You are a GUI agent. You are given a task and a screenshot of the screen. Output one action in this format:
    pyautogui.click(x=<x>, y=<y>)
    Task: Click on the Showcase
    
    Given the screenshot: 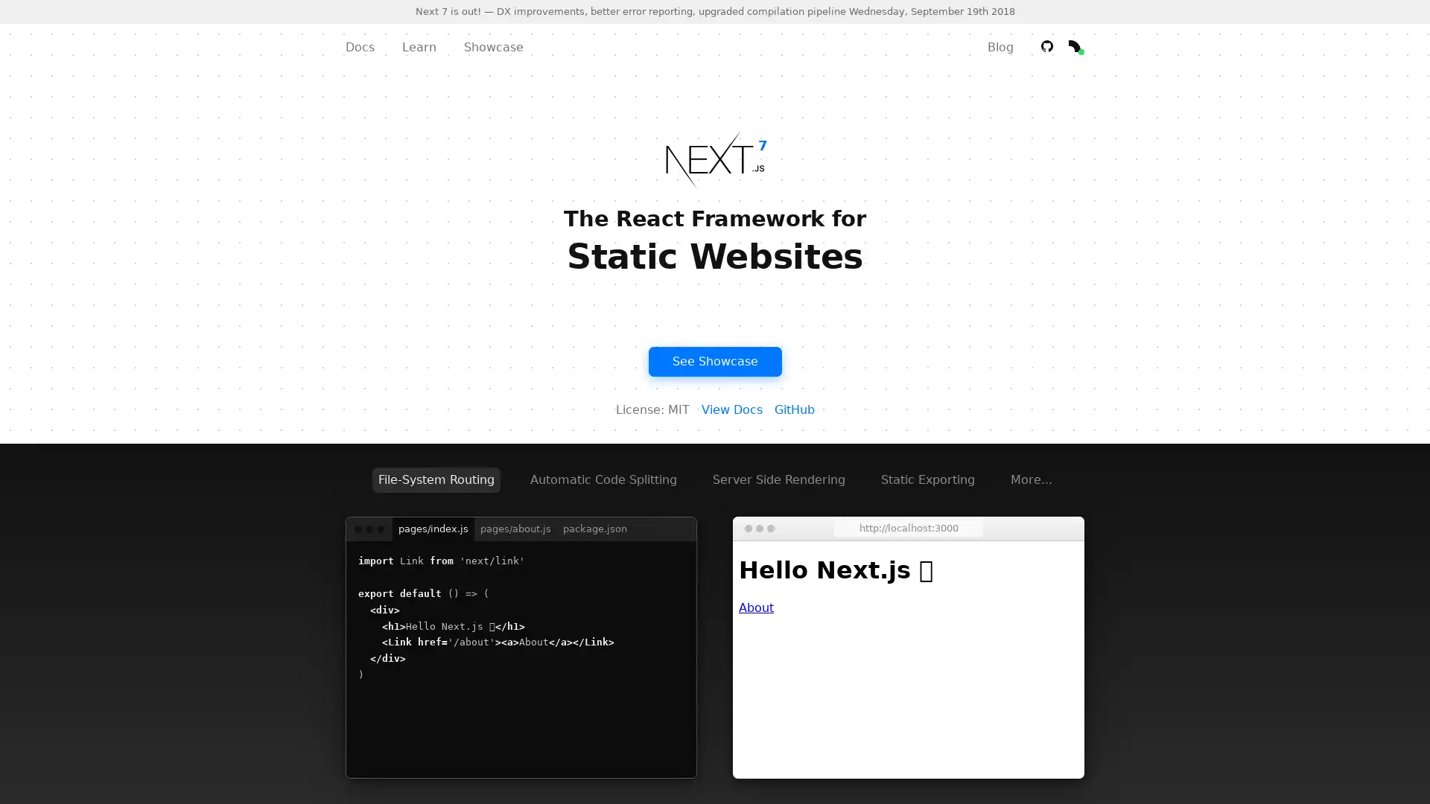 What is the action you would take?
    pyautogui.click(x=493, y=46)
    